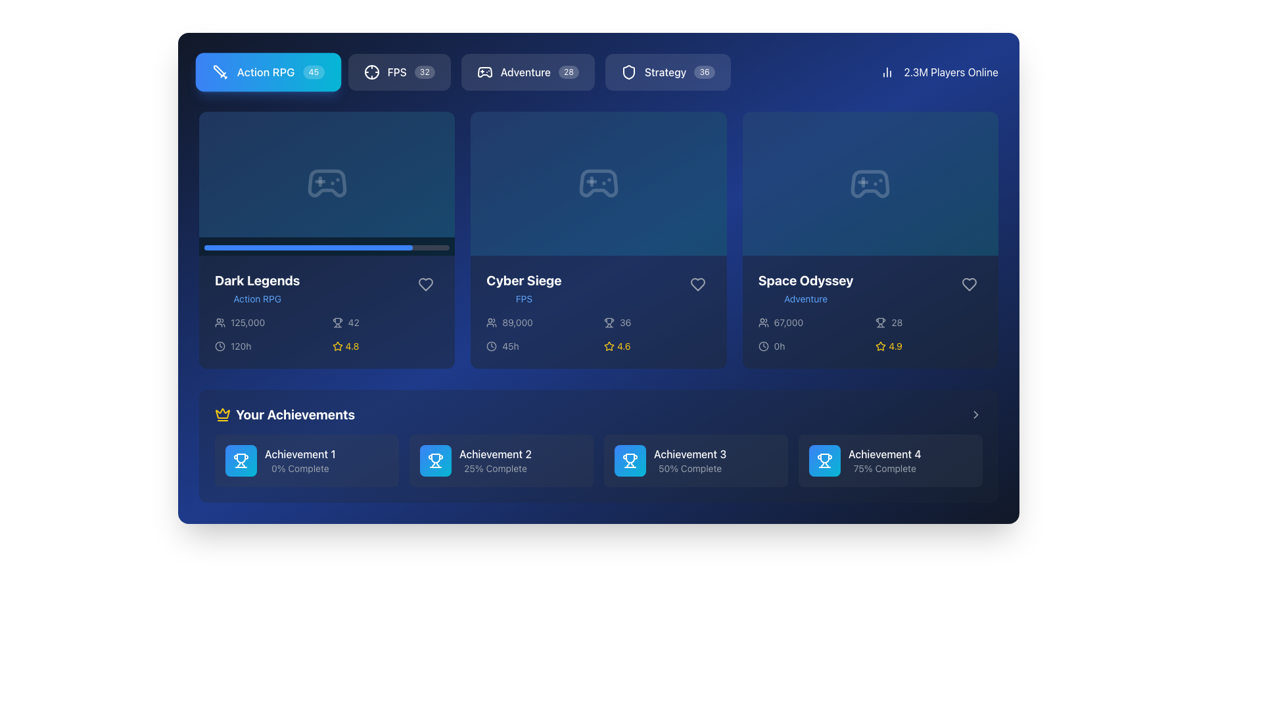 This screenshot has width=1262, height=710. Describe the element at coordinates (223, 415) in the screenshot. I see `the Decorative Icon located in the header of the 'Your Achievements' section, which emphasizes the significance of accomplishments` at that location.